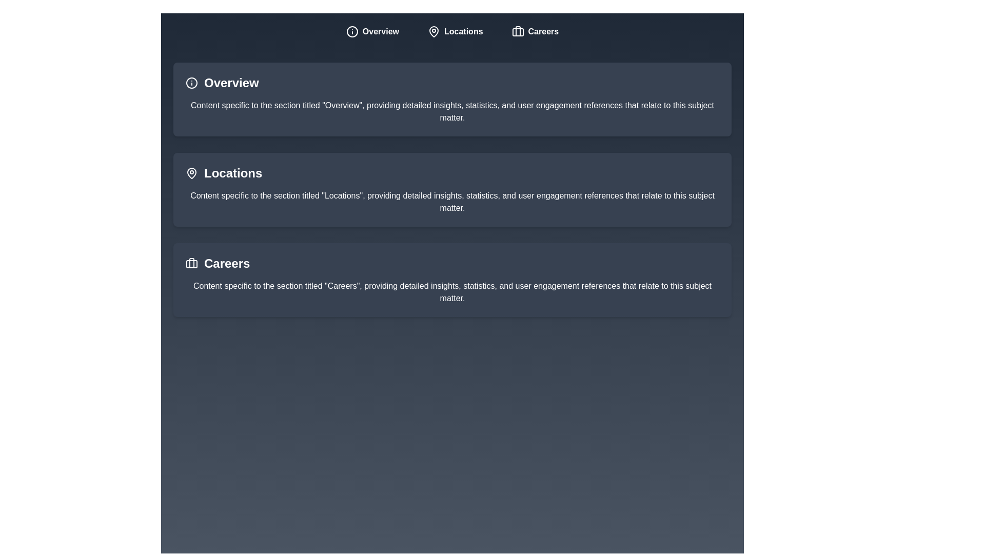 Image resolution: width=985 pixels, height=554 pixels. Describe the element at coordinates (226, 263) in the screenshot. I see `the 'Careers' header or label` at that location.